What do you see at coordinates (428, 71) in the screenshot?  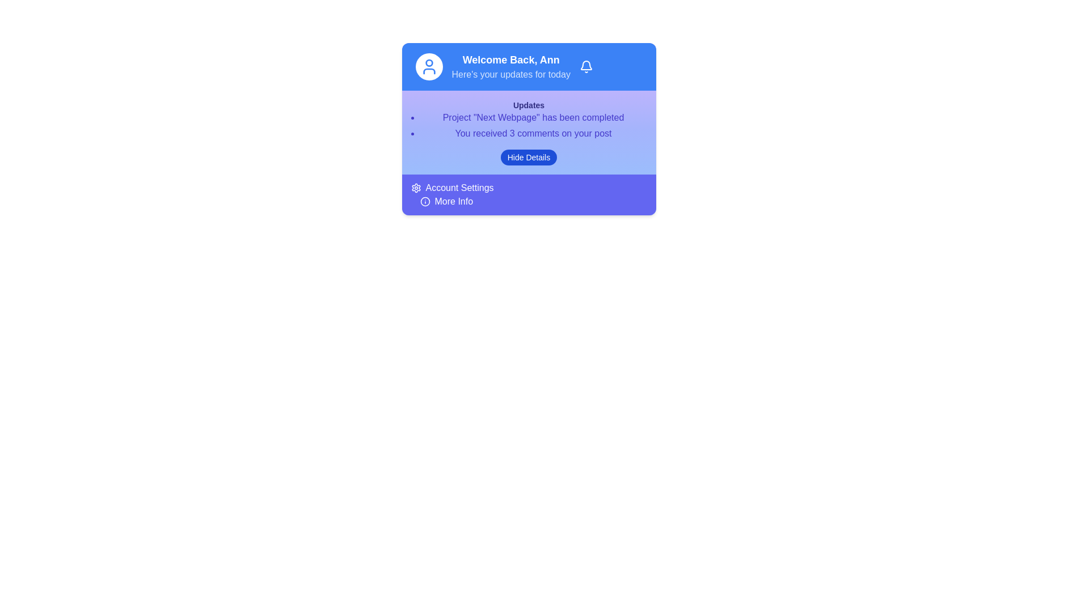 I see `the decorative user profile icon located in the upper-left section of the interface, adjacent to the greeting text 'Welcome Back, Ann'` at bounding box center [428, 71].